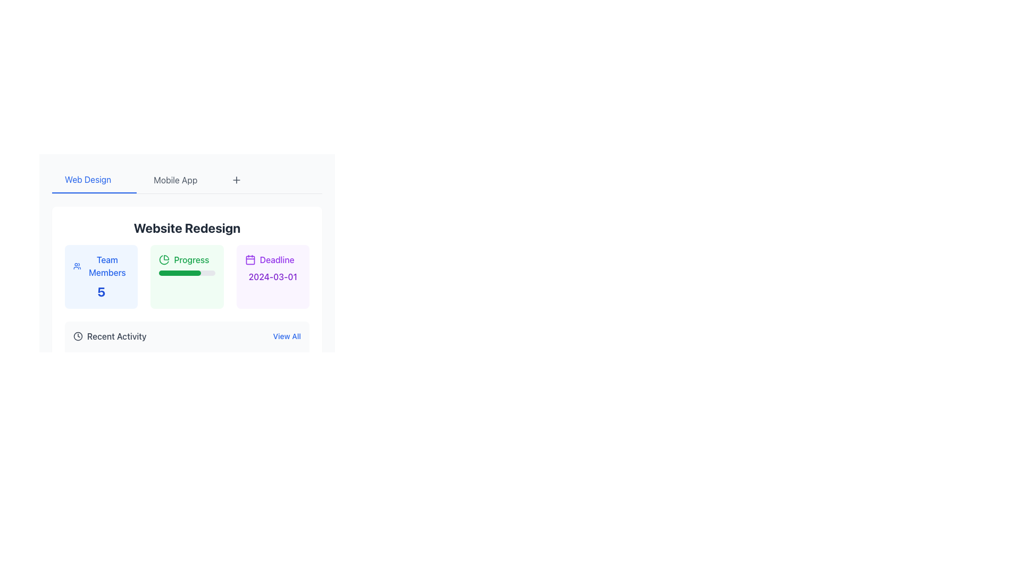  What do you see at coordinates (78, 336) in the screenshot?
I see `the outer circular component of the clock icon, which serves as a decorative boundary for the clock's face` at bounding box center [78, 336].